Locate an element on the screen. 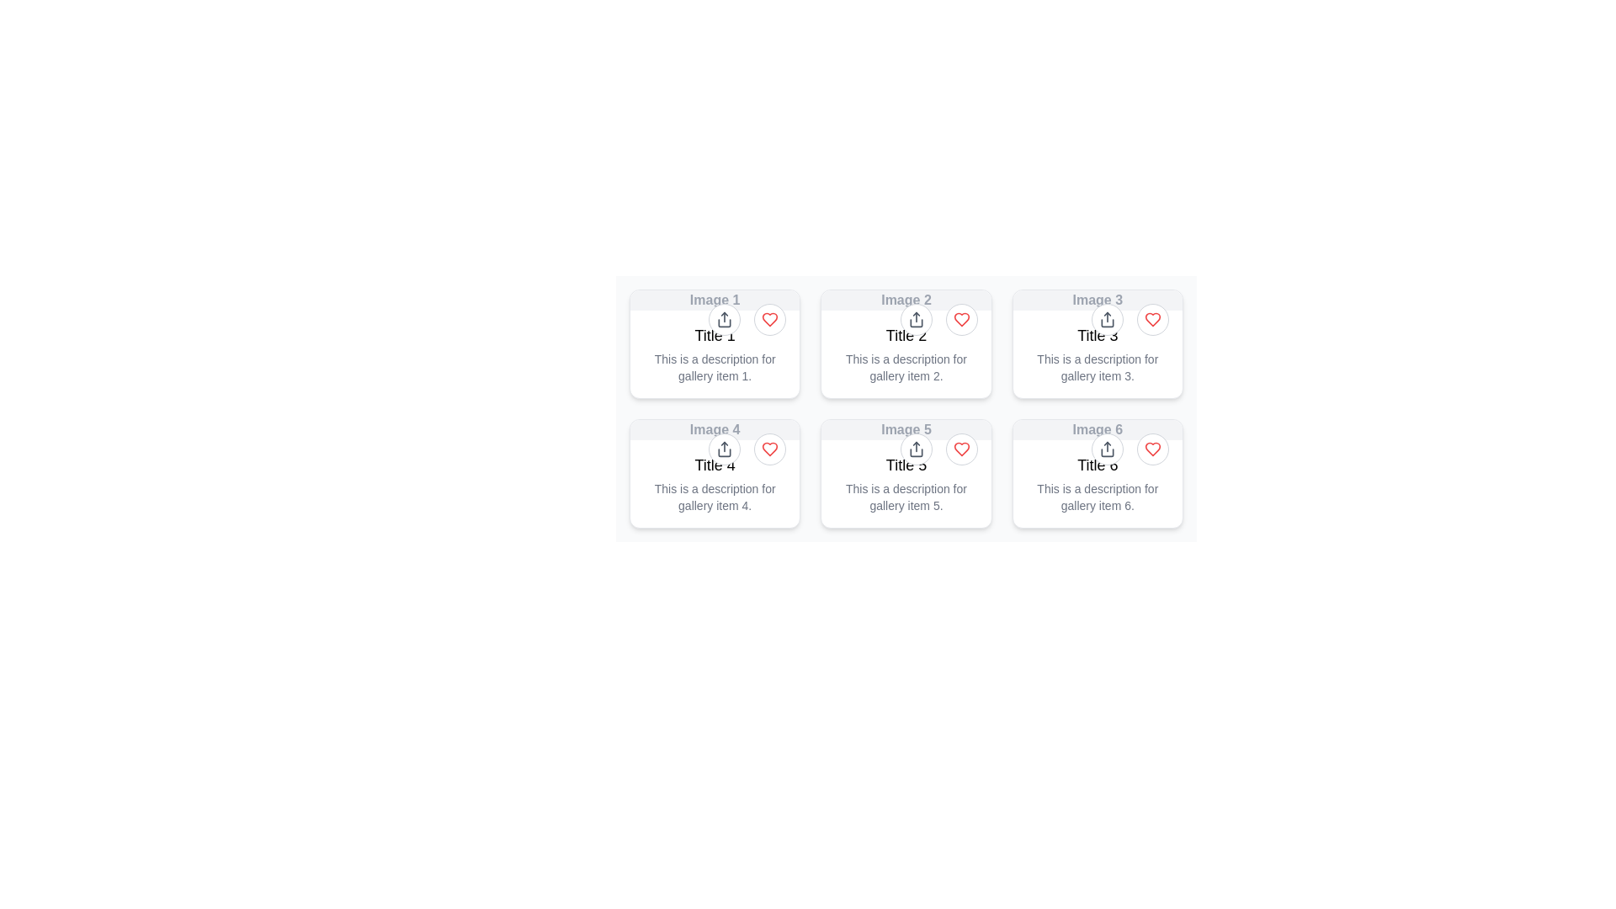  the heart icon located in the gallery card for 'Image 5 Title 5' is located at coordinates (961, 448).